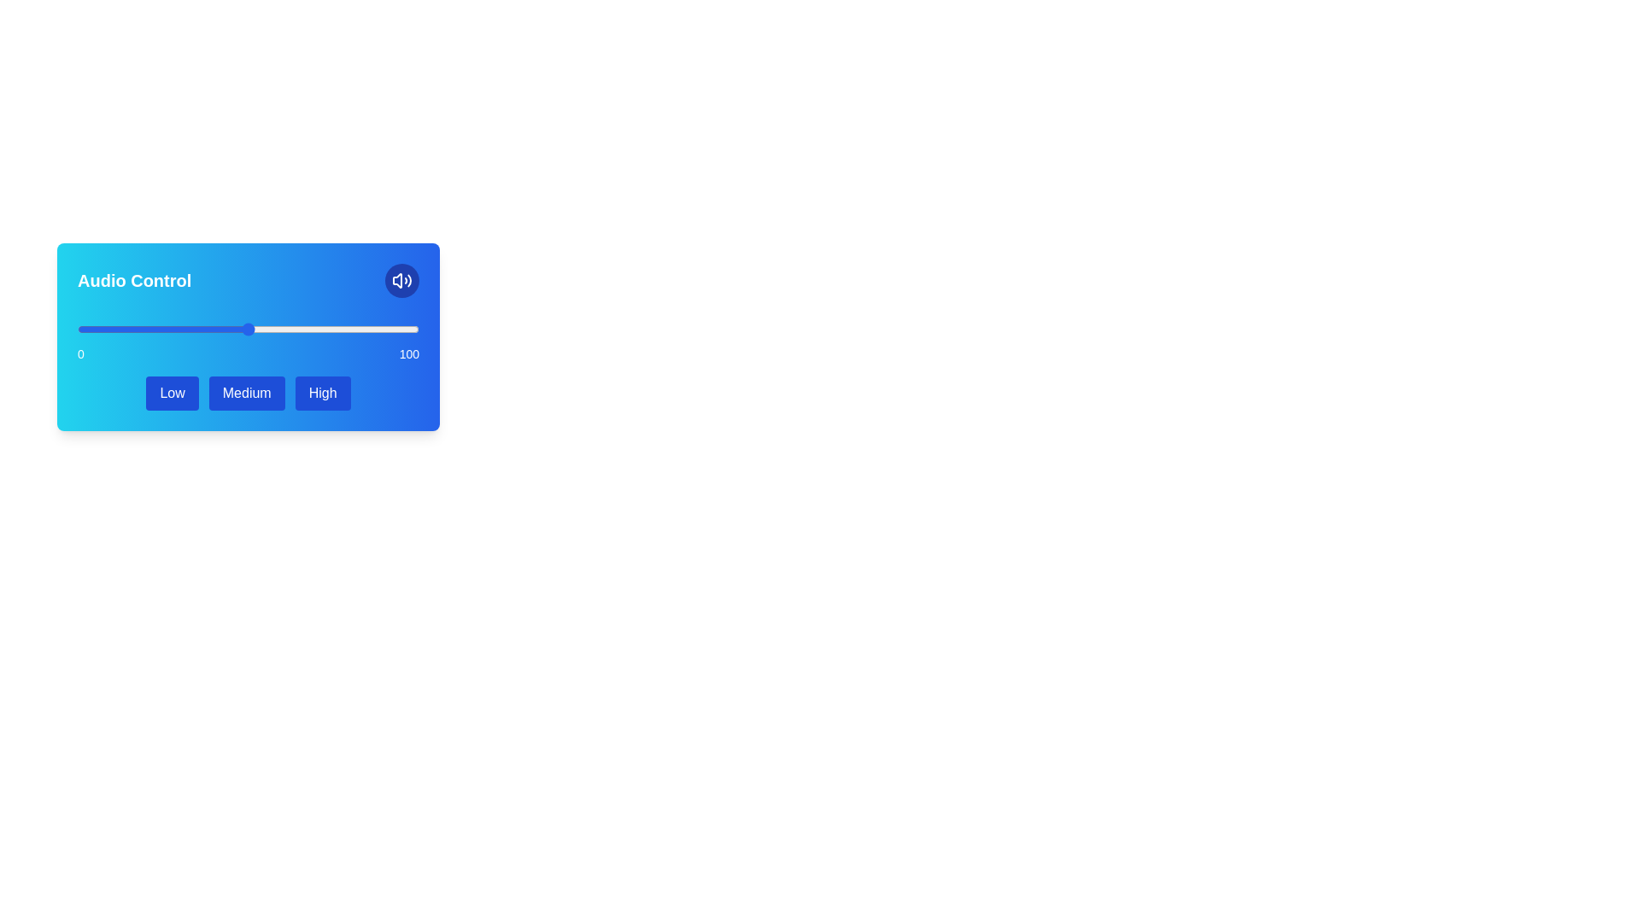 The image size is (1640, 922). I want to click on the slider value, so click(110, 329).